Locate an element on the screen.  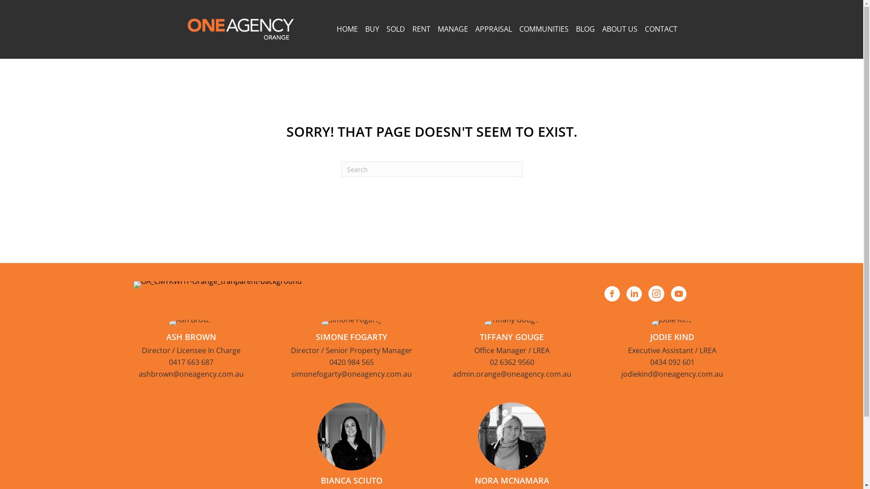
'RENT' is located at coordinates (421, 29).